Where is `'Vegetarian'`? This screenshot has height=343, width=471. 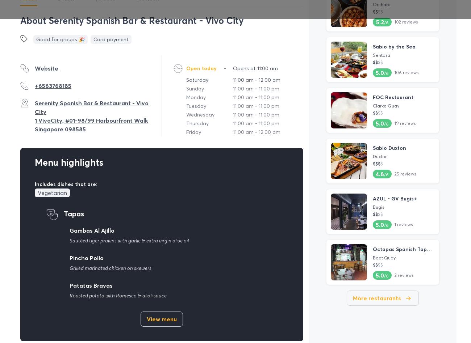 'Vegetarian' is located at coordinates (52, 192).